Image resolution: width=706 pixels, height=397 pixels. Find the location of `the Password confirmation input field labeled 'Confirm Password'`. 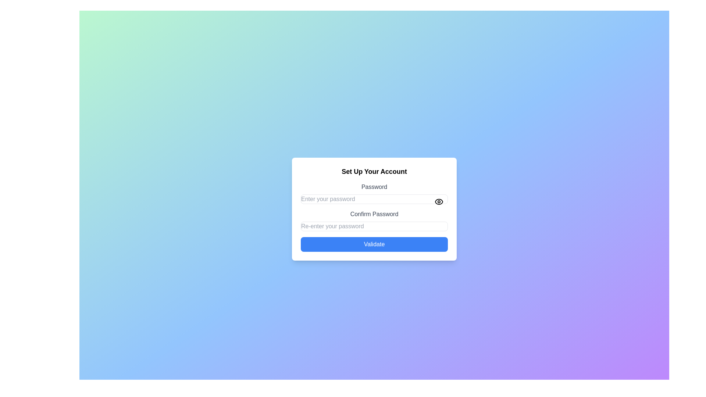

the Password confirmation input field labeled 'Confirm Password' is located at coordinates (374, 220).